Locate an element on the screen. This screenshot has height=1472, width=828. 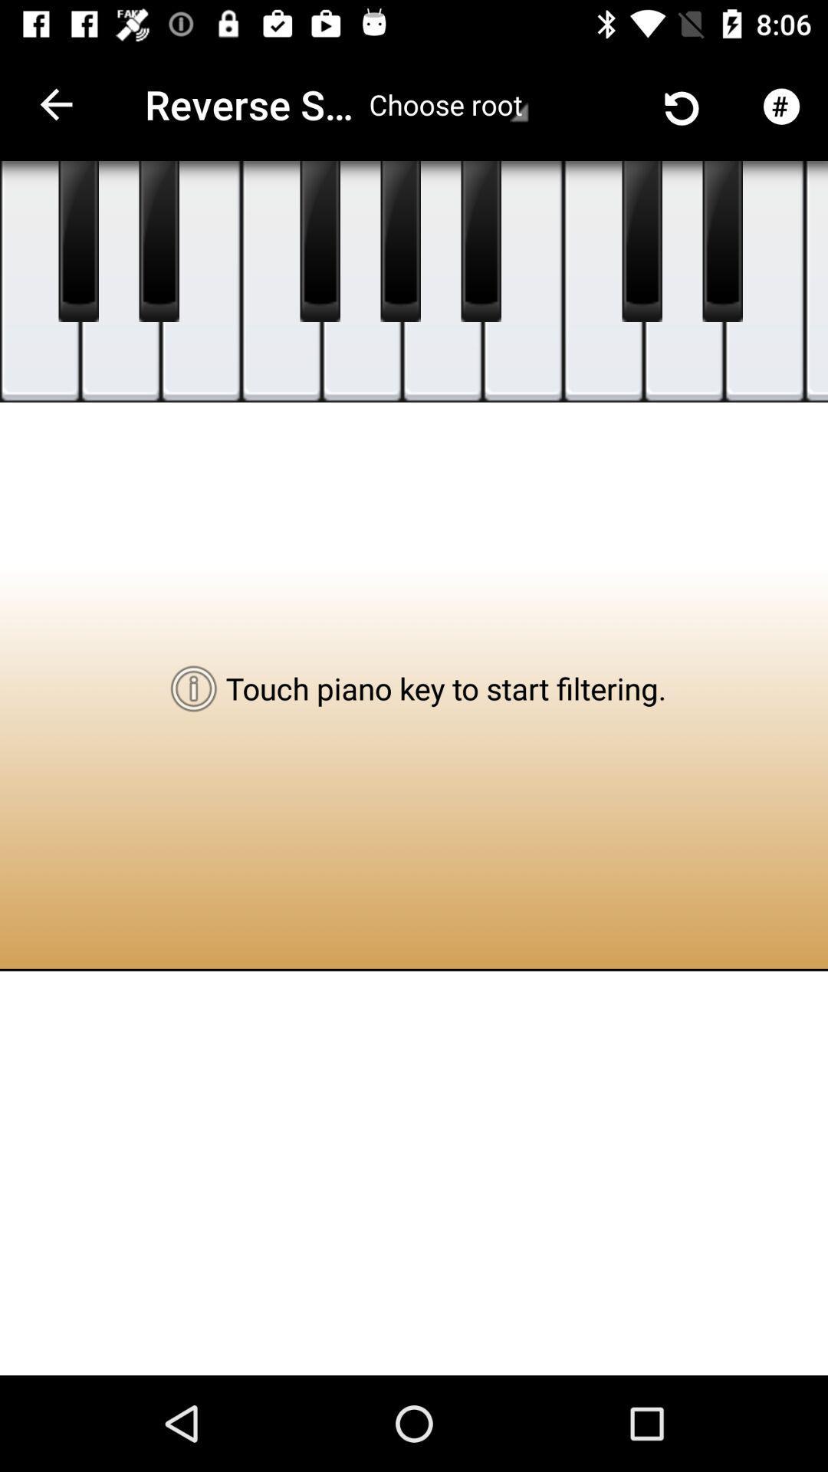
pressing this plays a simulation of that note on a piano is located at coordinates (480, 241).